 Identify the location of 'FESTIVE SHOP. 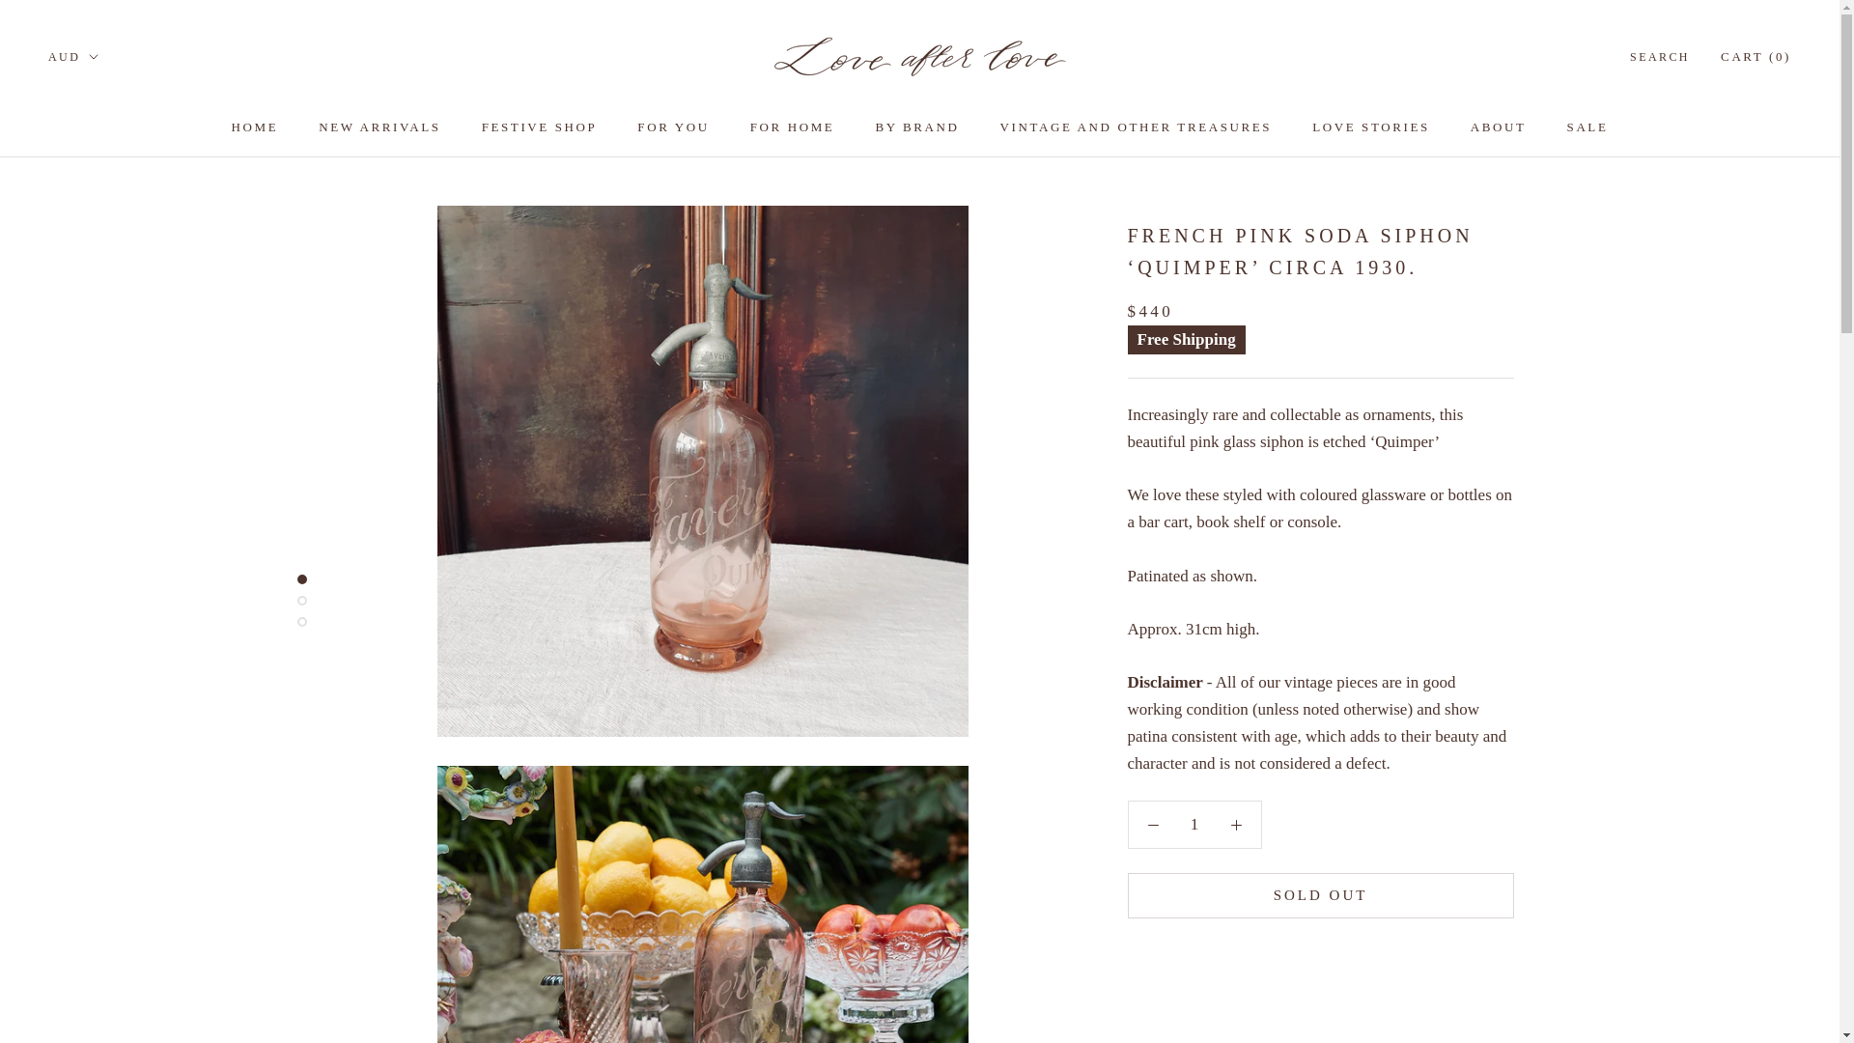
(482, 127).